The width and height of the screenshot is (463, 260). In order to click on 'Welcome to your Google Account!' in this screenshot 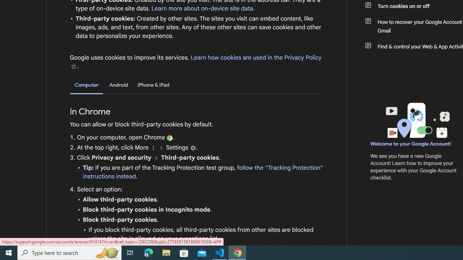, I will do `click(411, 143)`.